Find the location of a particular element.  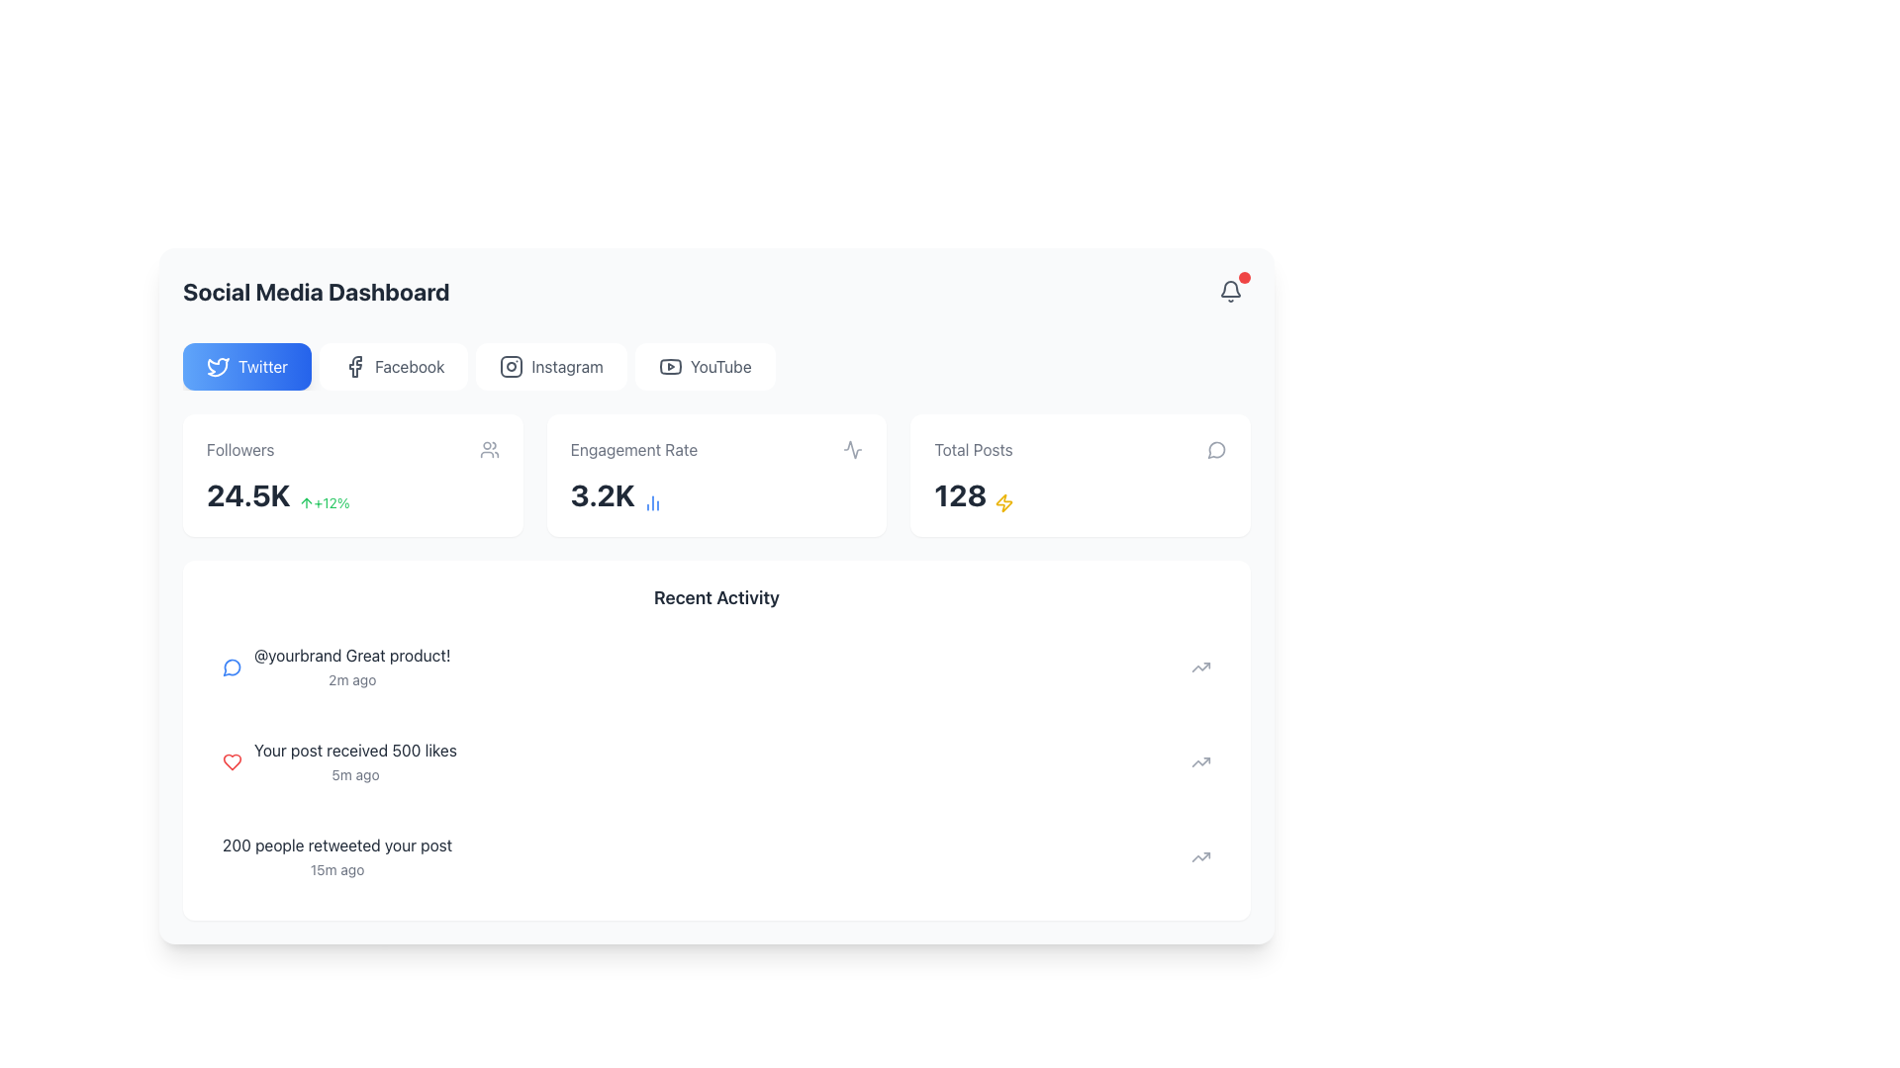

the bold, large number '128' in the 'Total Posts' section of the dashboard for accessibility is located at coordinates (960, 494).